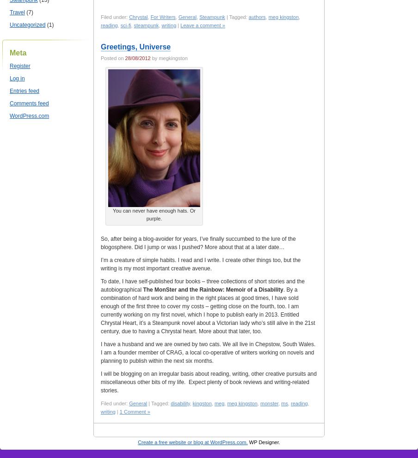  What do you see at coordinates (9, 91) in the screenshot?
I see `'Entries feed'` at bounding box center [9, 91].